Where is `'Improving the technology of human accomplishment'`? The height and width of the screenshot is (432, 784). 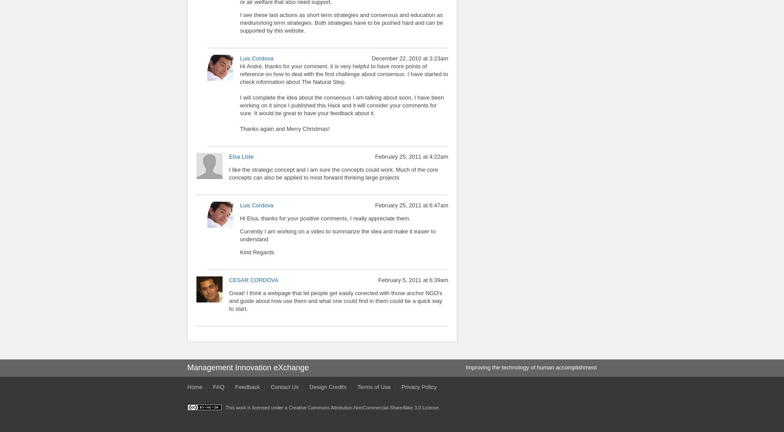 'Improving the technology of human accomplishment' is located at coordinates (531, 366).